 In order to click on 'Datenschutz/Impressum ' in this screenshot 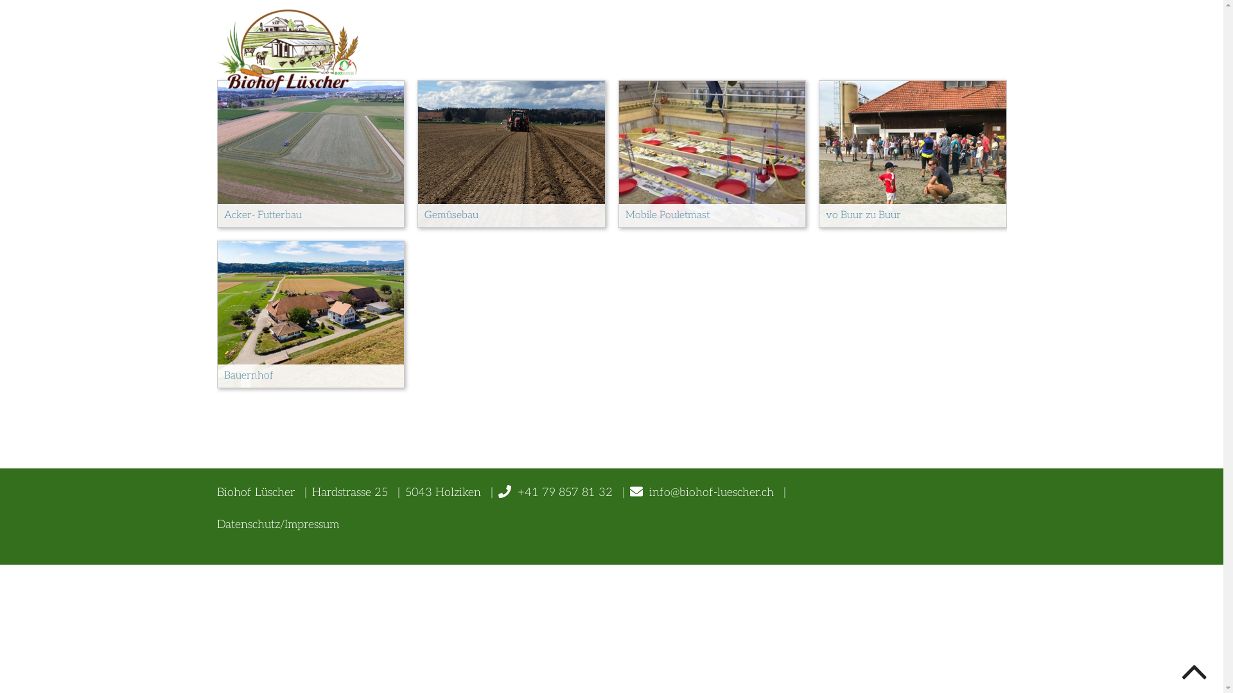, I will do `click(279, 524)`.